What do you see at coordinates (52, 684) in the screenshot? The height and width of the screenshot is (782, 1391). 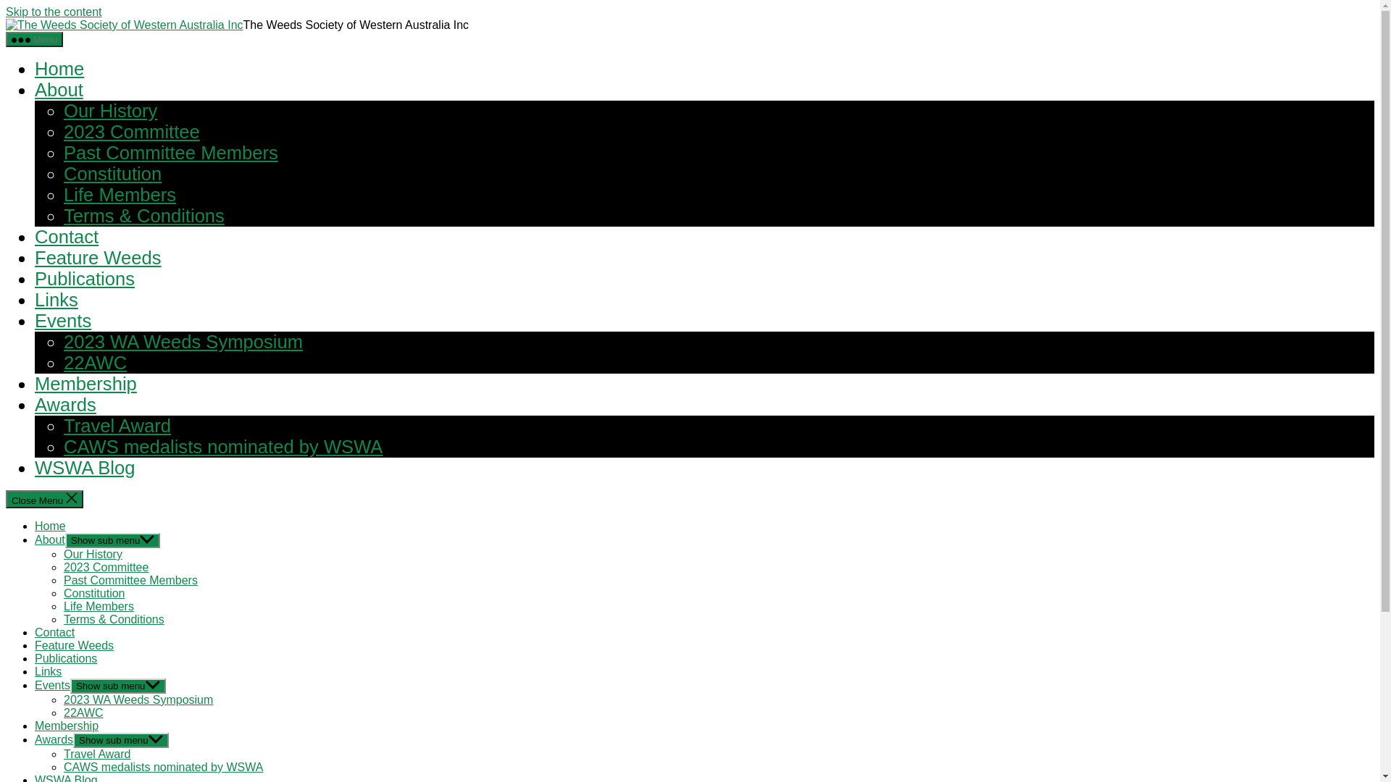 I see `'Events'` at bounding box center [52, 684].